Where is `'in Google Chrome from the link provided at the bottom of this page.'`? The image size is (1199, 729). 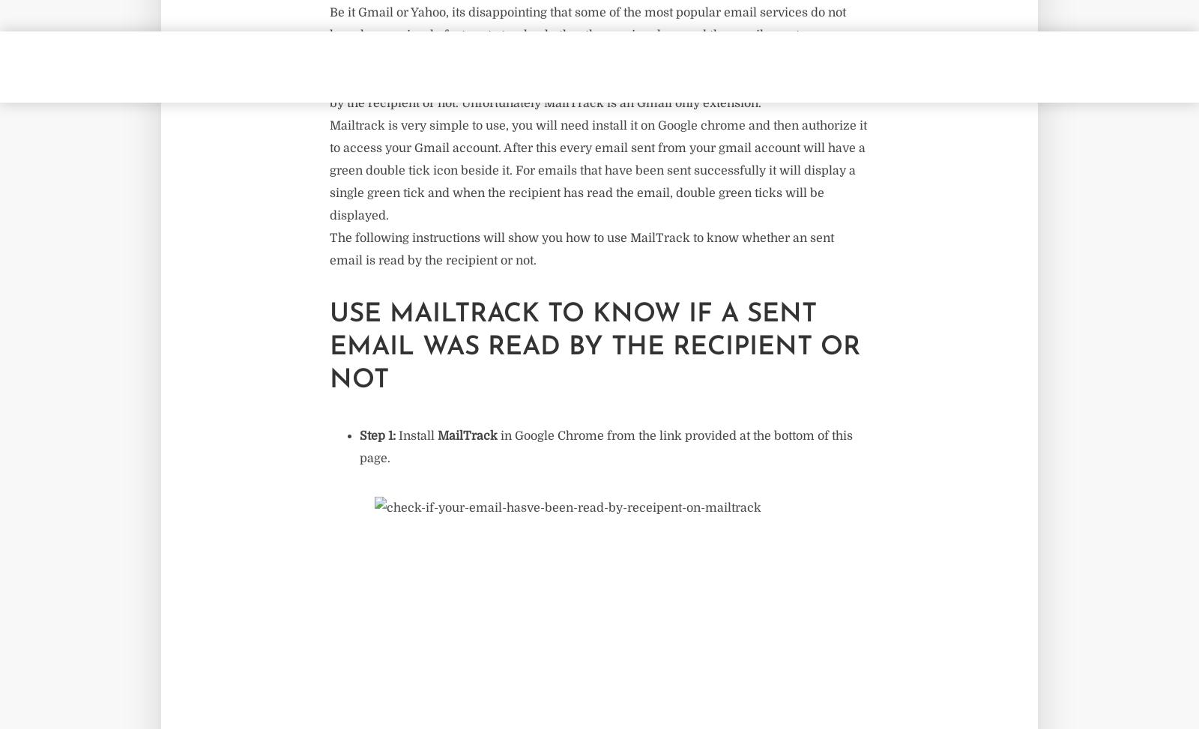 'in Google Chrome from the link provided at the bottom of this page.' is located at coordinates (605, 446).